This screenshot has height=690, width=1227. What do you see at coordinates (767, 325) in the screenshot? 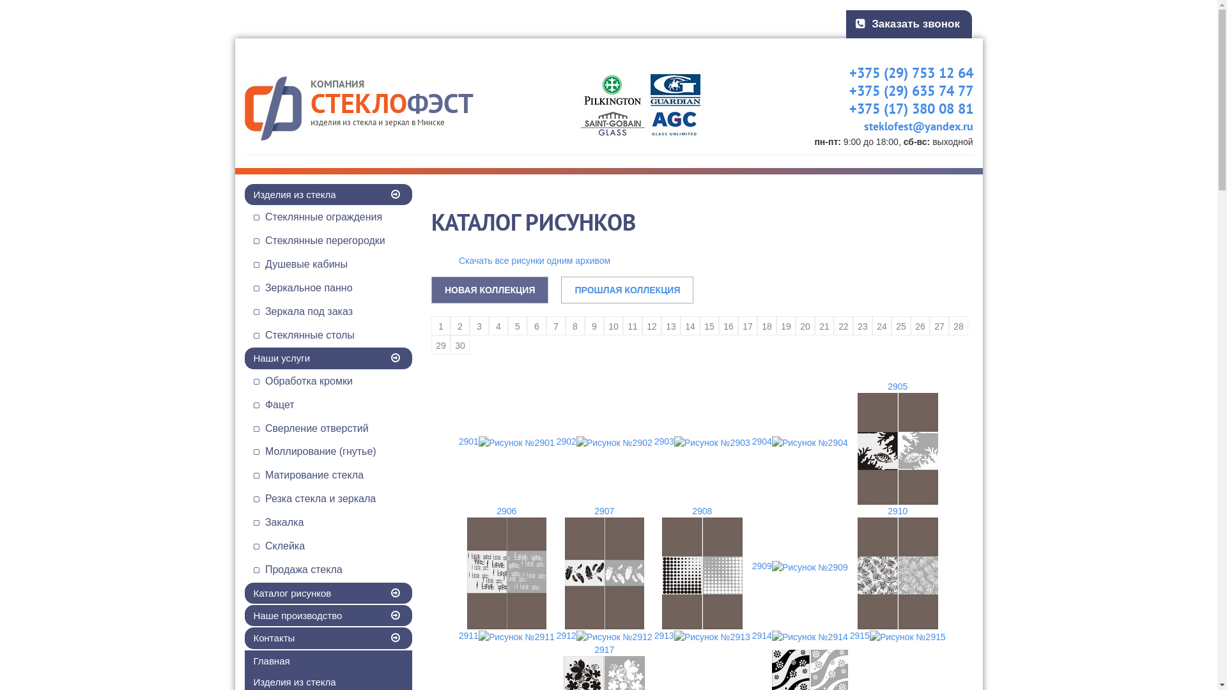
I see `'18'` at bounding box center [767, 325].